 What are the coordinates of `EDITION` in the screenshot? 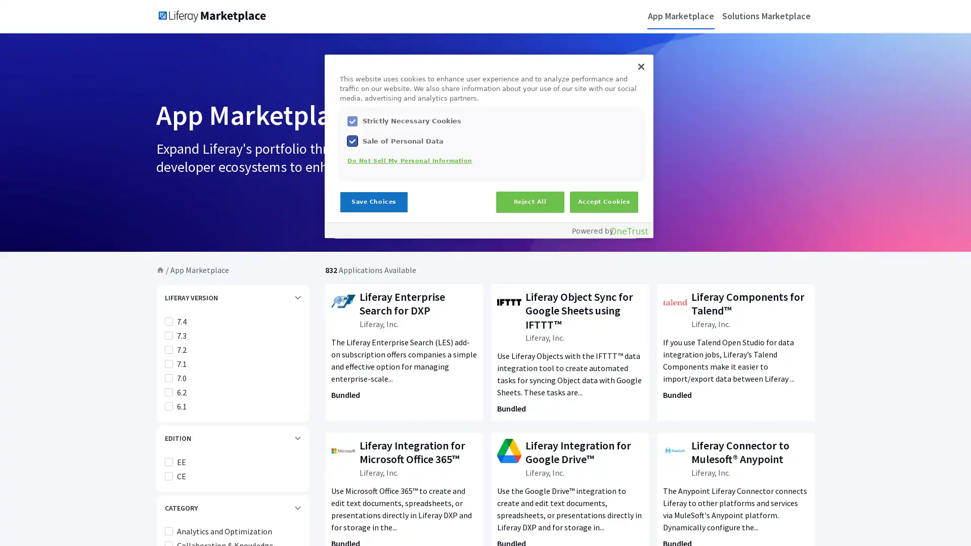 It's located at (232, 437).